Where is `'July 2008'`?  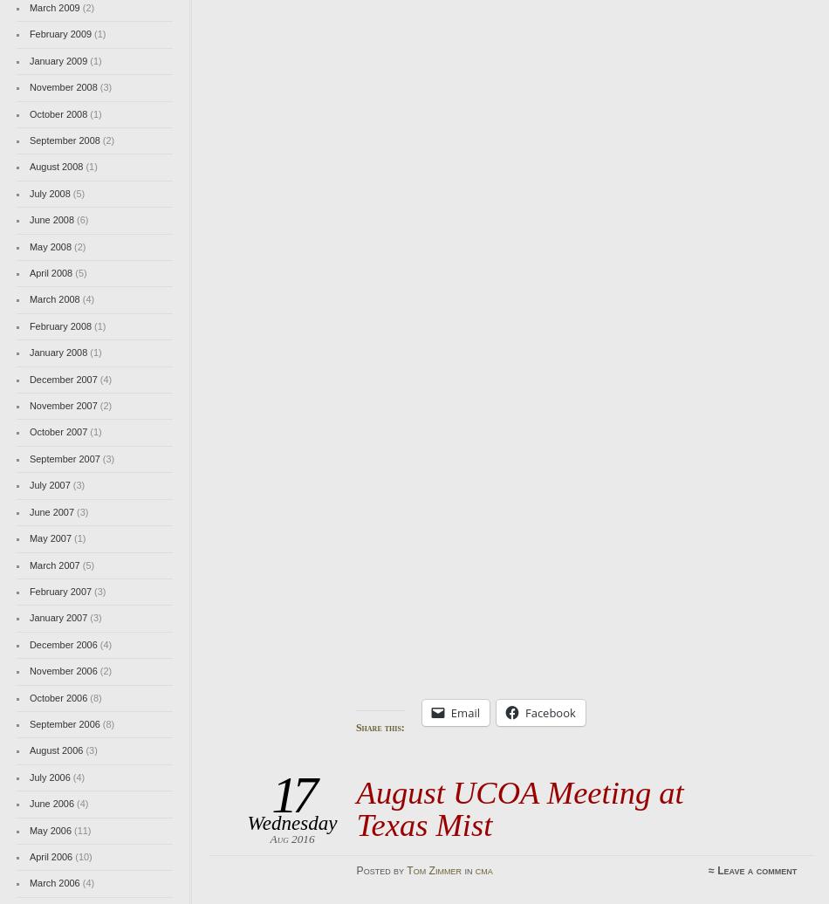 'July 2008' is located at coordinates (28, 192).